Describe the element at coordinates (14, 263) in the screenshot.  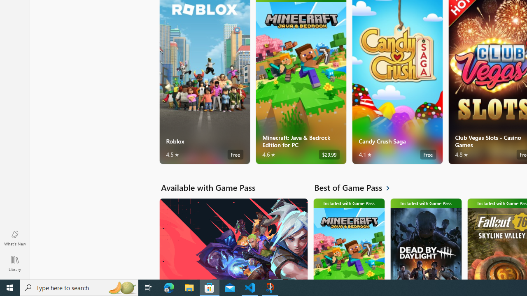
I see `'Library'` at that location.